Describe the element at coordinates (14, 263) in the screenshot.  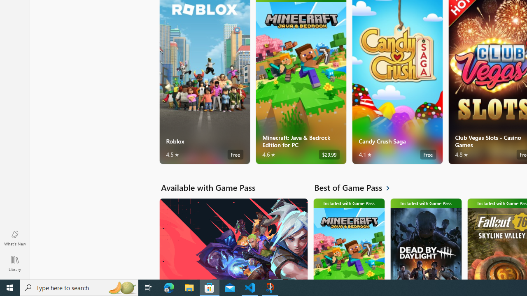
I see `'Library'` at that location.